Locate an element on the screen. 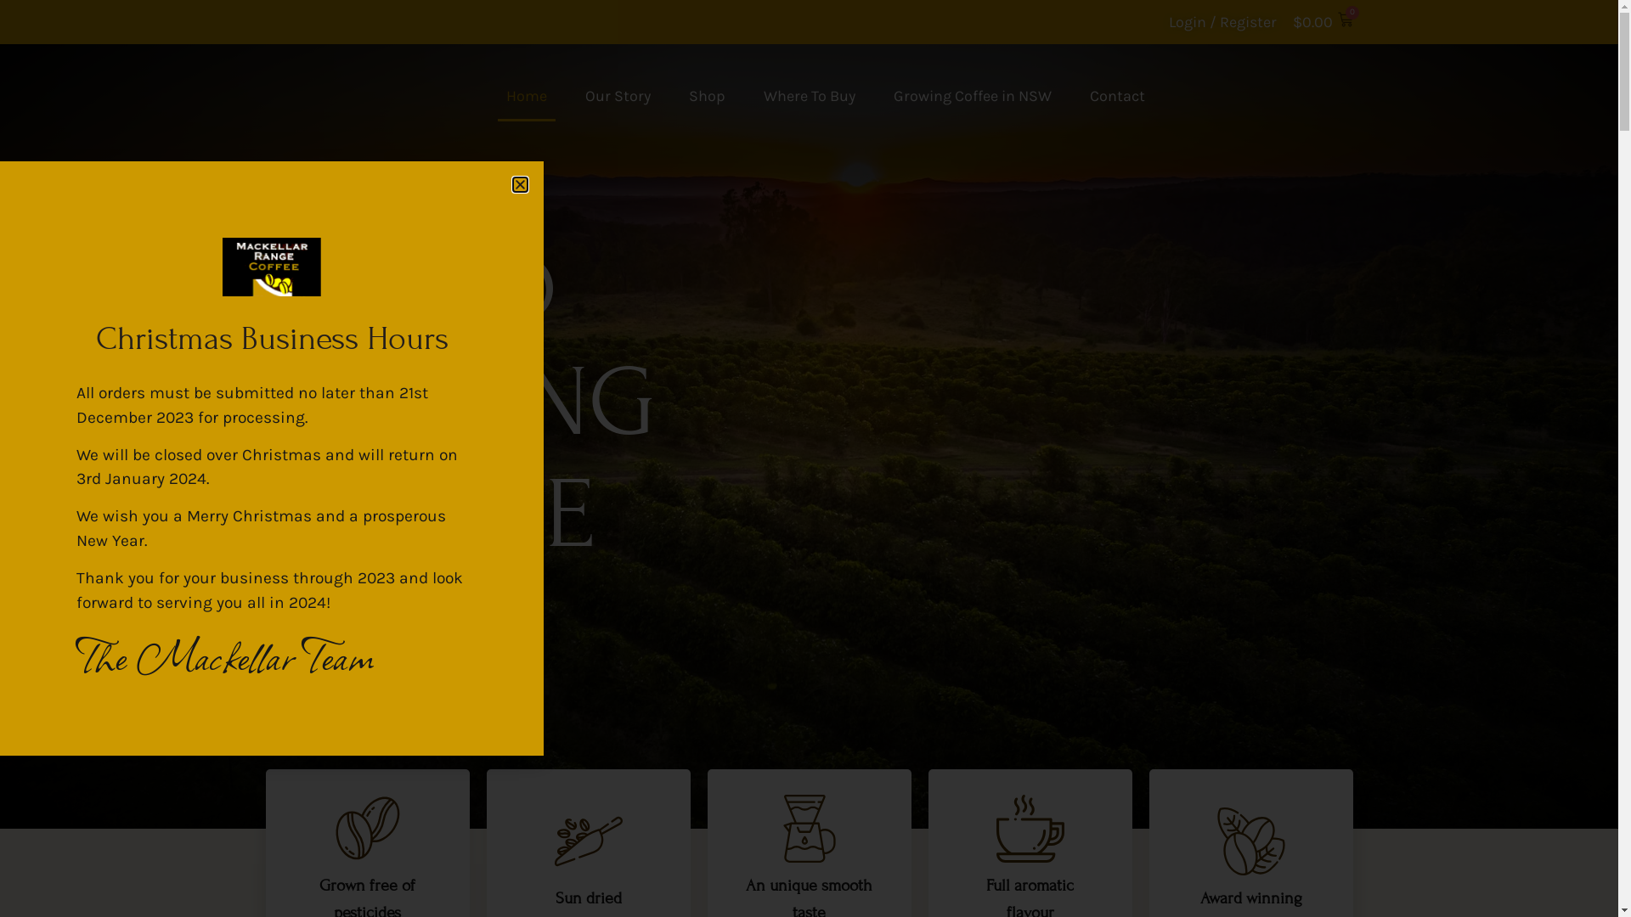 This screenshot has width=1631, height=917. 'Home' is located at coordinates (525, 95).